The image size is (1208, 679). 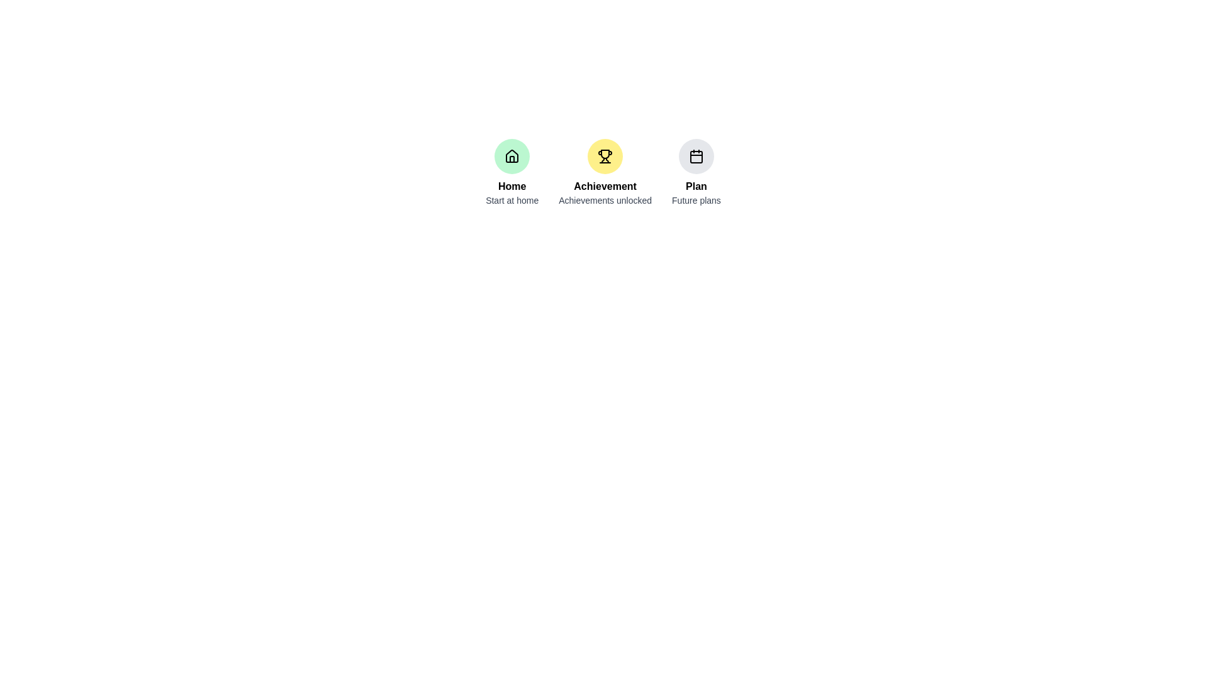 I want to click on the information displayed in the second informational display component that shows user achievements, positioned between the 'Home' and 'Plan' sections, so click(x=605, y=172).